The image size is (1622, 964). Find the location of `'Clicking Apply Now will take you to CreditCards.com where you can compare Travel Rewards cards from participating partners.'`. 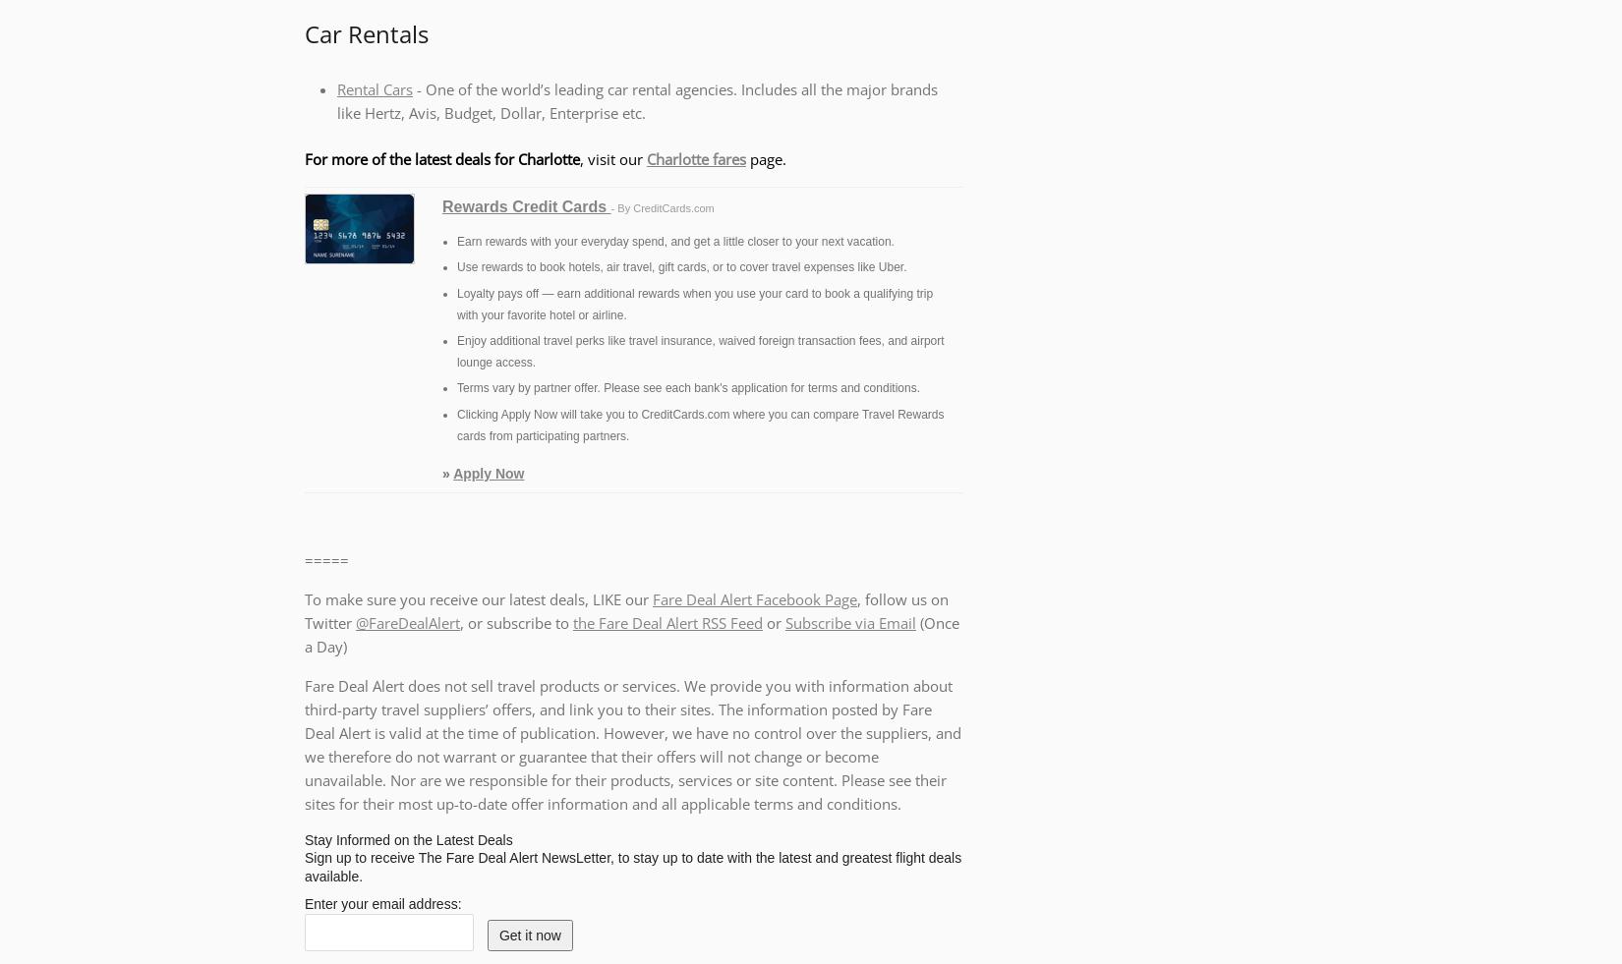

'Clicking Apply Now will take you to CreditCards.com where you can compare Travel Rewards cards from participating partners.' is located at coordinates (699, 424).